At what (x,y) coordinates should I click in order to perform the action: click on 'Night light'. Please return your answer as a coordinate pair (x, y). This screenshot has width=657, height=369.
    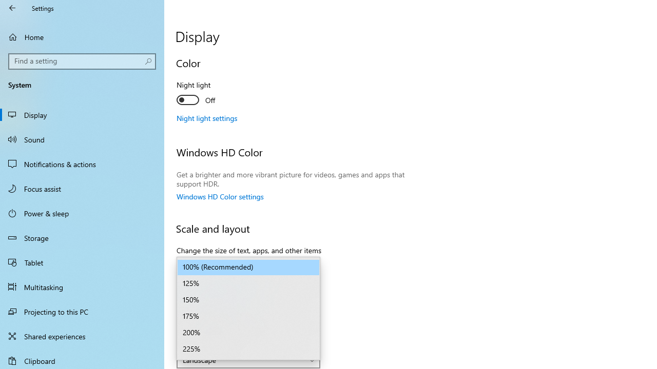
    Looking at the image, I should click on (214, 94).